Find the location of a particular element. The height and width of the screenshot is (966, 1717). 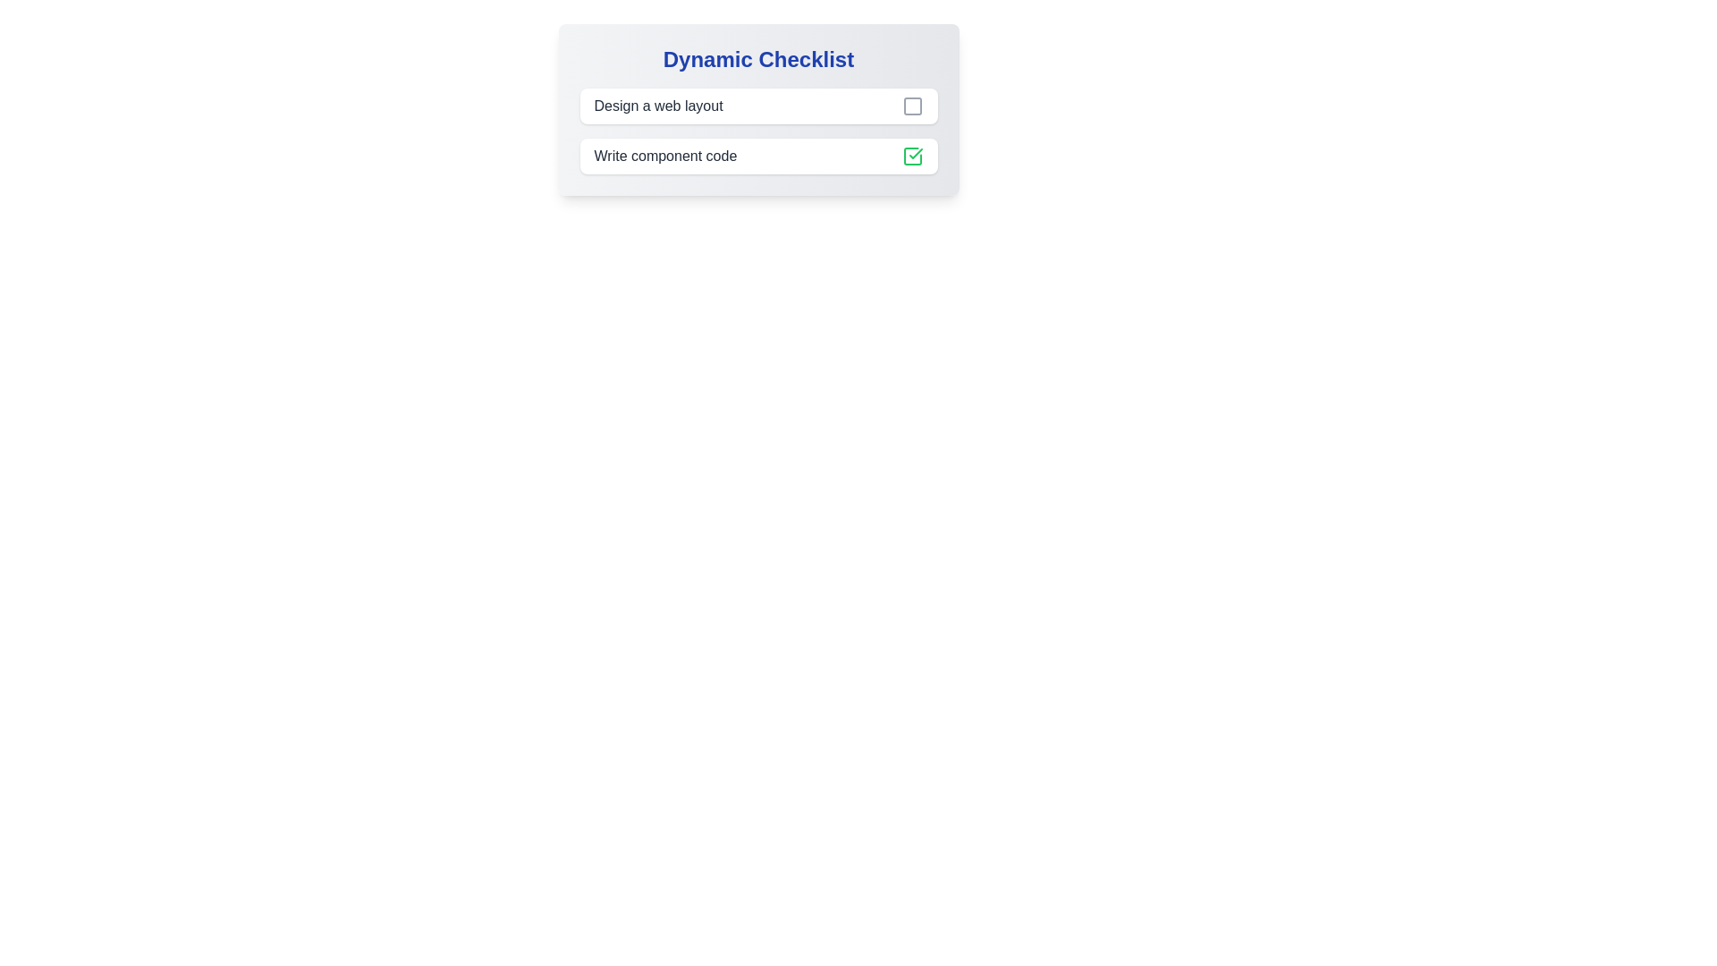

the checkbox located to the right of the text 'Design a web layout' is located at coordinates (911, 106).